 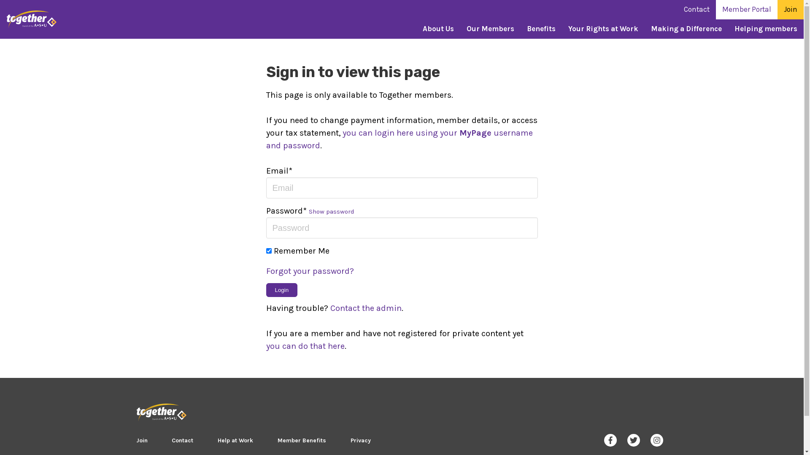 I want to click on 'you can login here using your MyPage username and password', so click(x=398, y=139).